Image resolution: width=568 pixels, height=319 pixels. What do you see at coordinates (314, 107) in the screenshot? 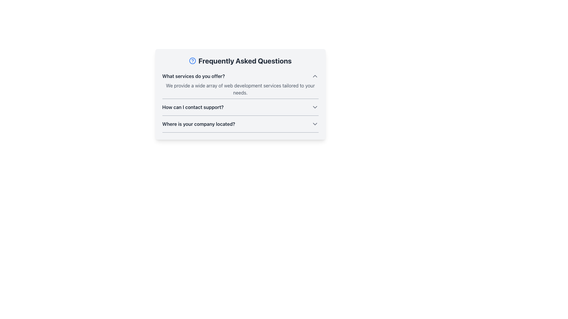
I see `the chevron icon used to toggle the FAQ entry for 'How can I contact support?'` at bounding box center [314, 107].